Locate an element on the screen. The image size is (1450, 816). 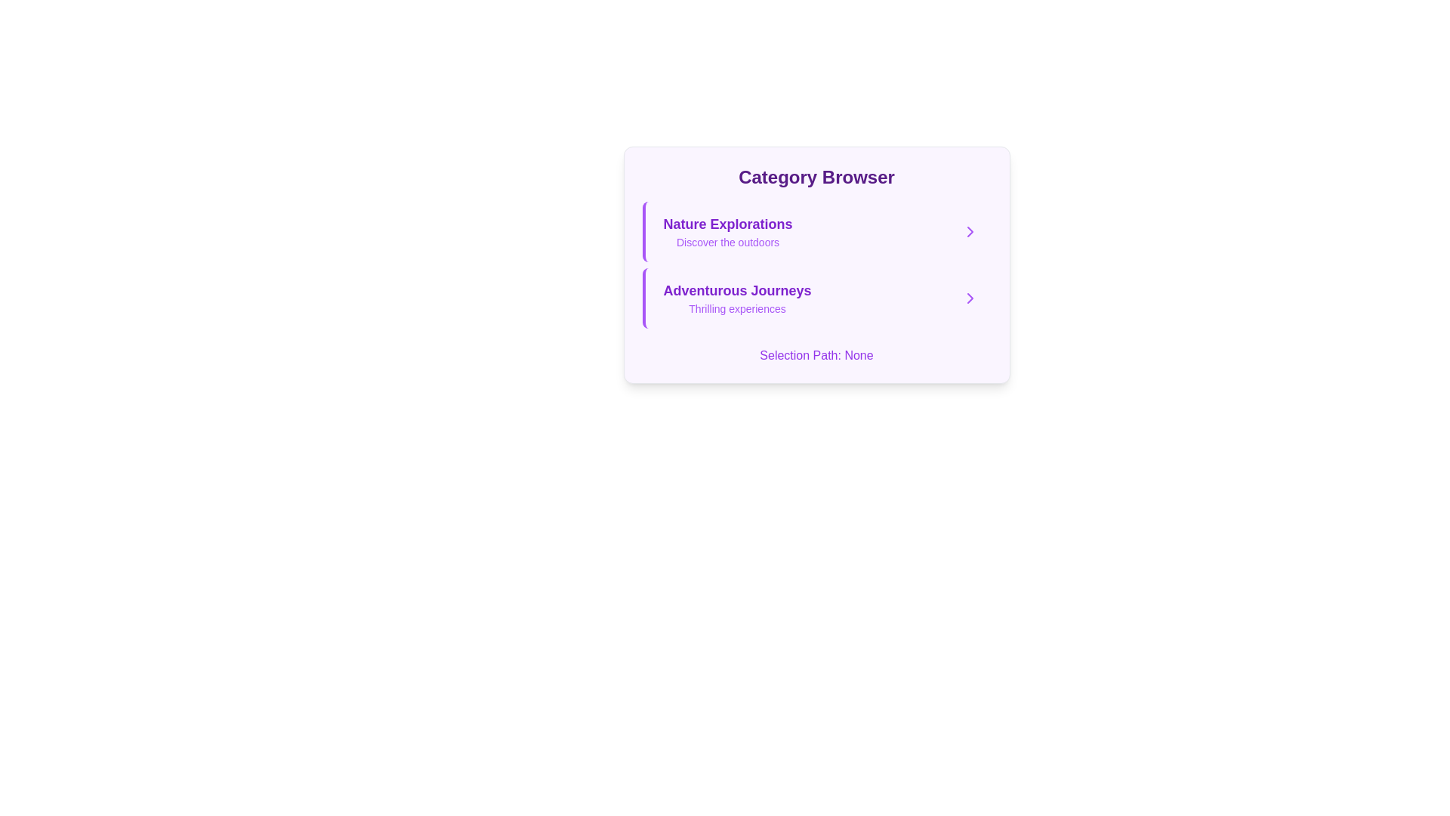
the text label titled 'Adventurous Journeys', which serves as a header for a category or section, positioned below 'Nature Explorations' is located at coordinates (737, 291).